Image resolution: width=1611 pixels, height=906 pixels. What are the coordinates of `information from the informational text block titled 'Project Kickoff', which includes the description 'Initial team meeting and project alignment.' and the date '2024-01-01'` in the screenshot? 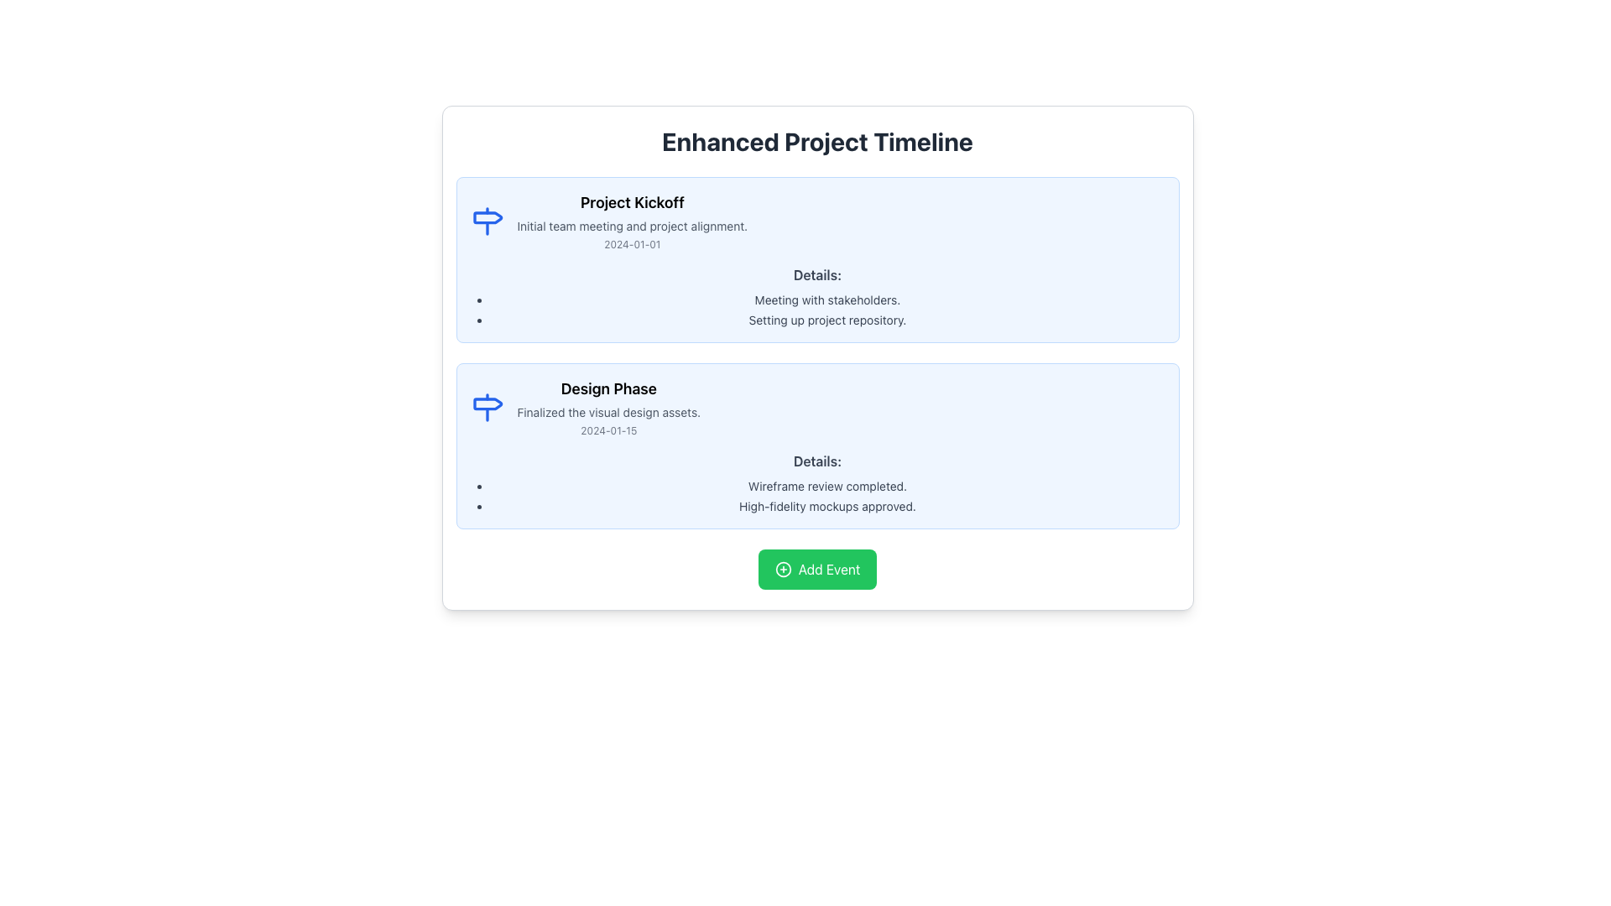 It's located at (631, 220).